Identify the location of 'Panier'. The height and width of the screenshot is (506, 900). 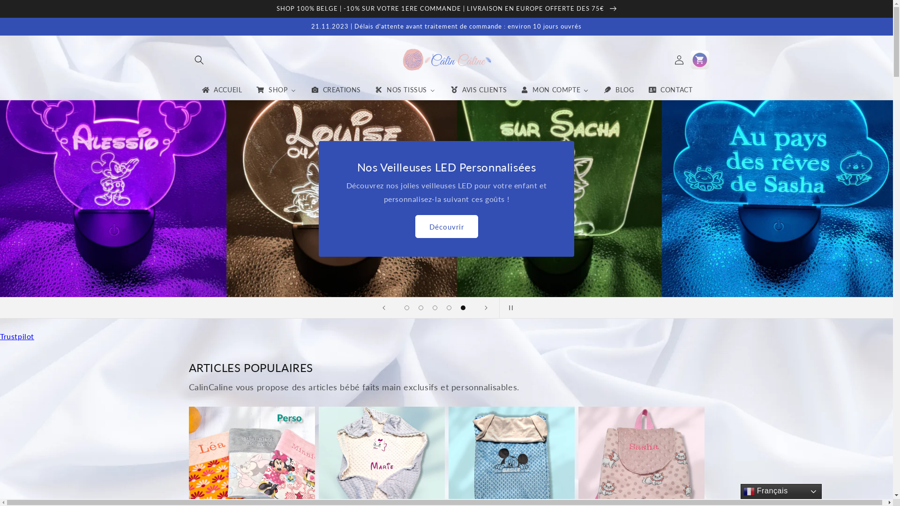
(699, 60).